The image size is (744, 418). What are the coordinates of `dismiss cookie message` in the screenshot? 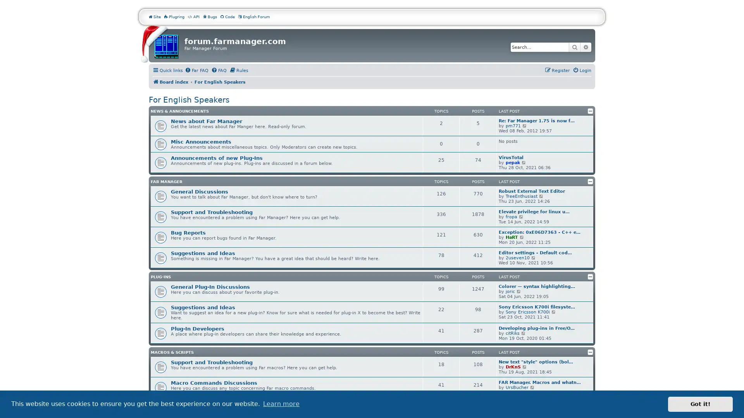 It's located at (700, 404).